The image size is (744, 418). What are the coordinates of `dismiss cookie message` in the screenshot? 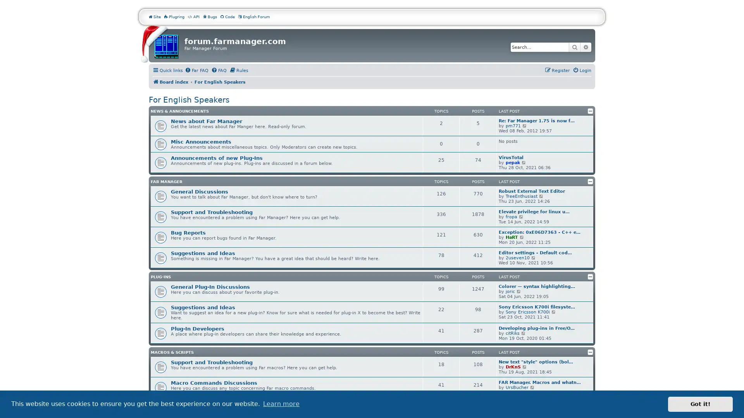 It's located at (700, 404).